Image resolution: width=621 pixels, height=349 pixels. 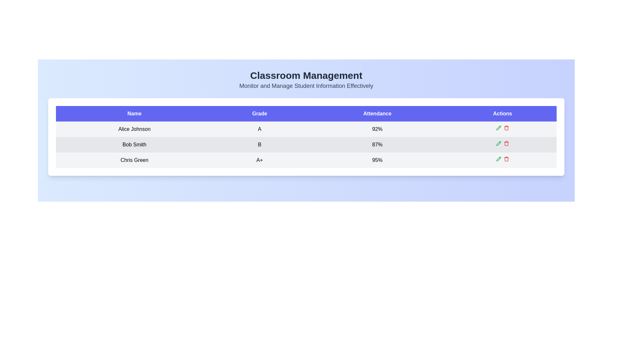 What do you see at coordinates (506, 159) in the screenshot?
I see `the red trash bin icon in the 'Actions' column of the third row` at bounding box center [506, 159].